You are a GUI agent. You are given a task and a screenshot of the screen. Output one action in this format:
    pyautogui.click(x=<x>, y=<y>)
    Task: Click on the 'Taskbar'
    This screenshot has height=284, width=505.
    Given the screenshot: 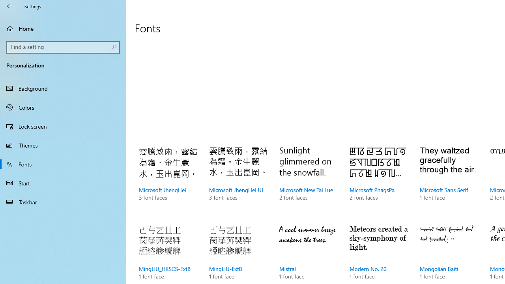 What is the action you would take?
    pyautogui.click(x=63, y=201)
    